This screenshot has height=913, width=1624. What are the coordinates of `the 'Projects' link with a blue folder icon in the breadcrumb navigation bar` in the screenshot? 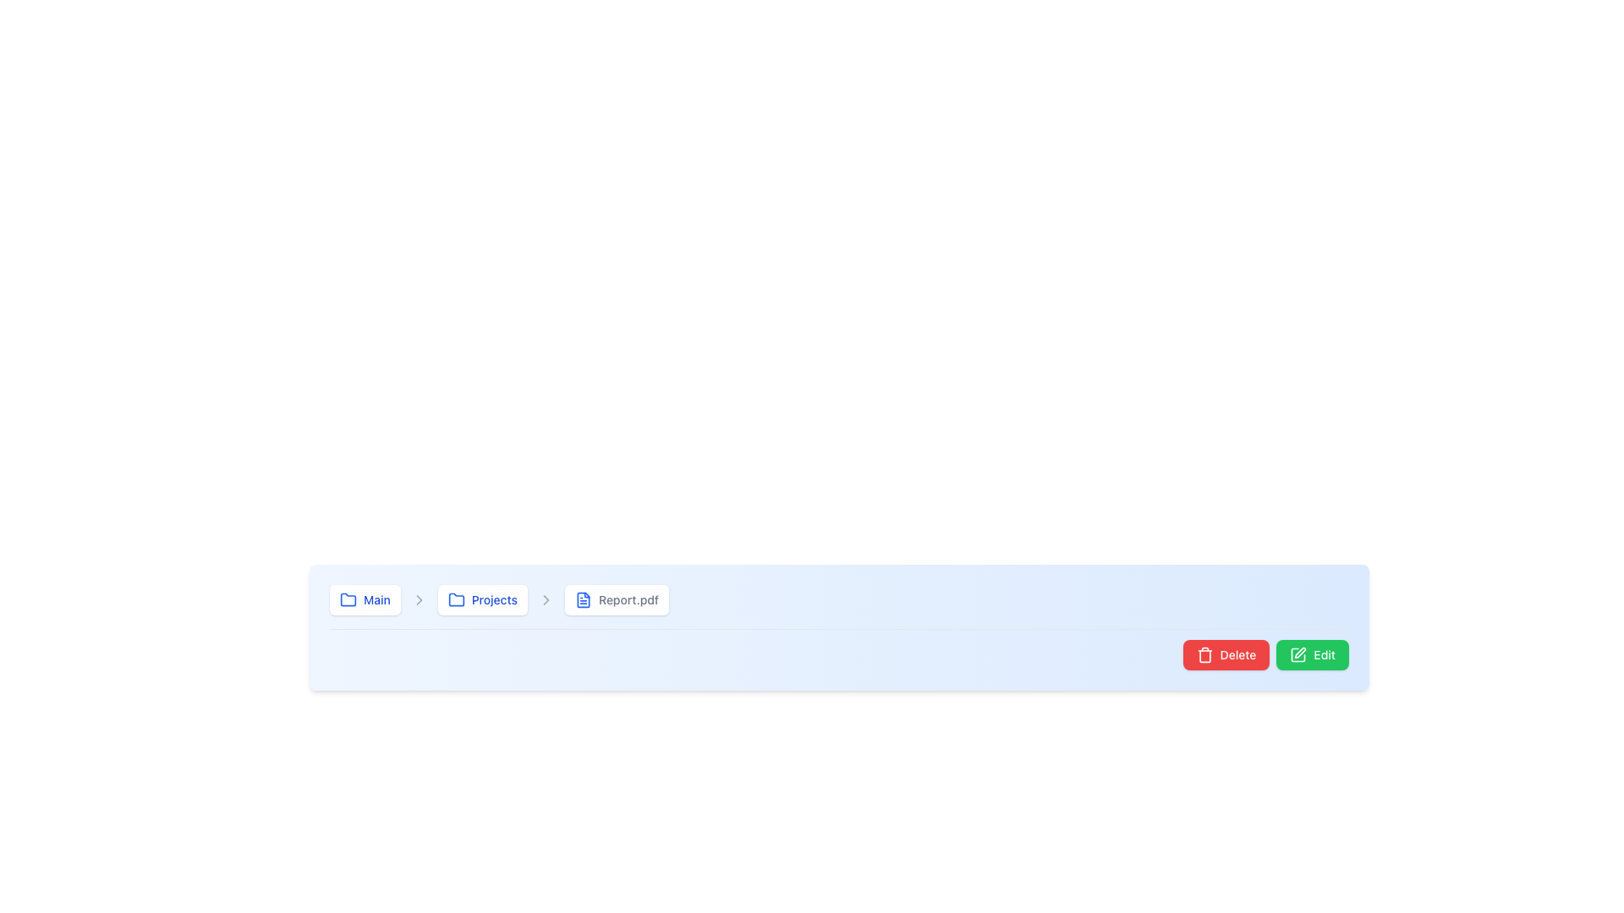 It's located at (481, 599).